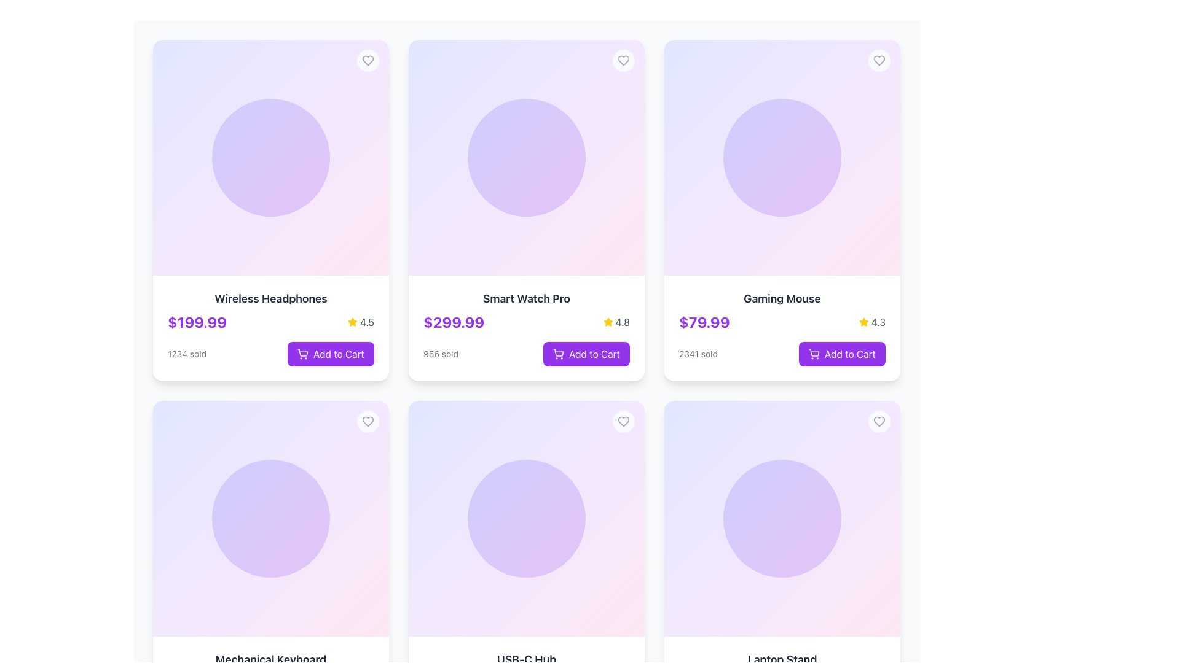  Describe the element at coordinates (863, 321) in the screenshot. I see `the yellow star icon representing a rating, located beside the text '4.3' on the 'Gaming Mouse' product card in the top-right section` at that location.